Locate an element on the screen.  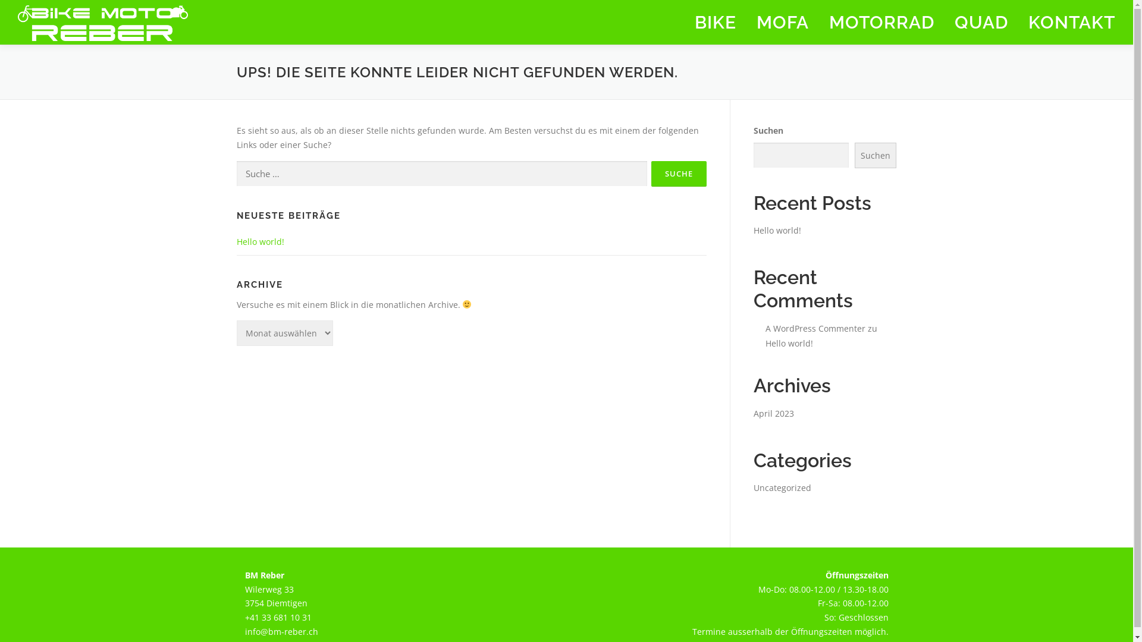
'Uncategorized' is located at coordinates (782, 487).